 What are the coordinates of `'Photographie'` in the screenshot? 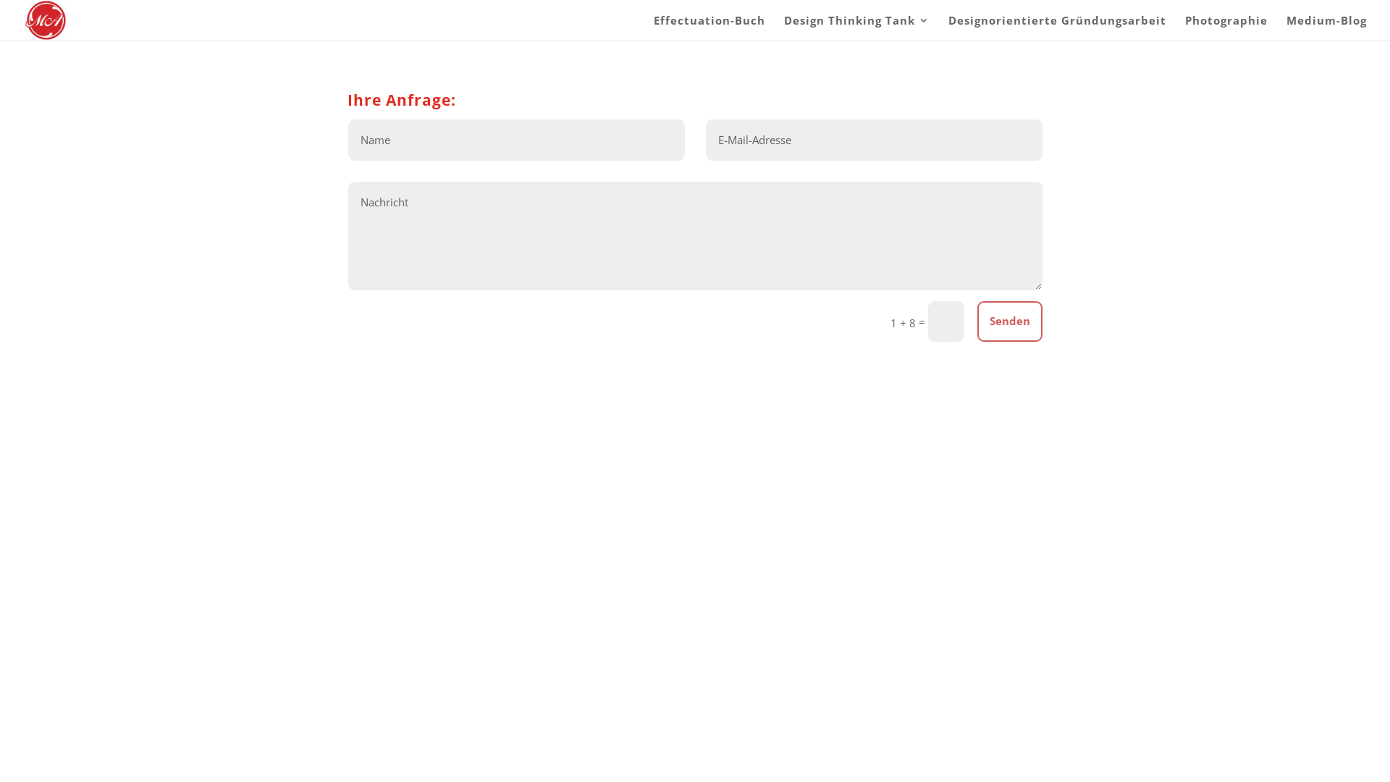 It's located at (1226, 28).